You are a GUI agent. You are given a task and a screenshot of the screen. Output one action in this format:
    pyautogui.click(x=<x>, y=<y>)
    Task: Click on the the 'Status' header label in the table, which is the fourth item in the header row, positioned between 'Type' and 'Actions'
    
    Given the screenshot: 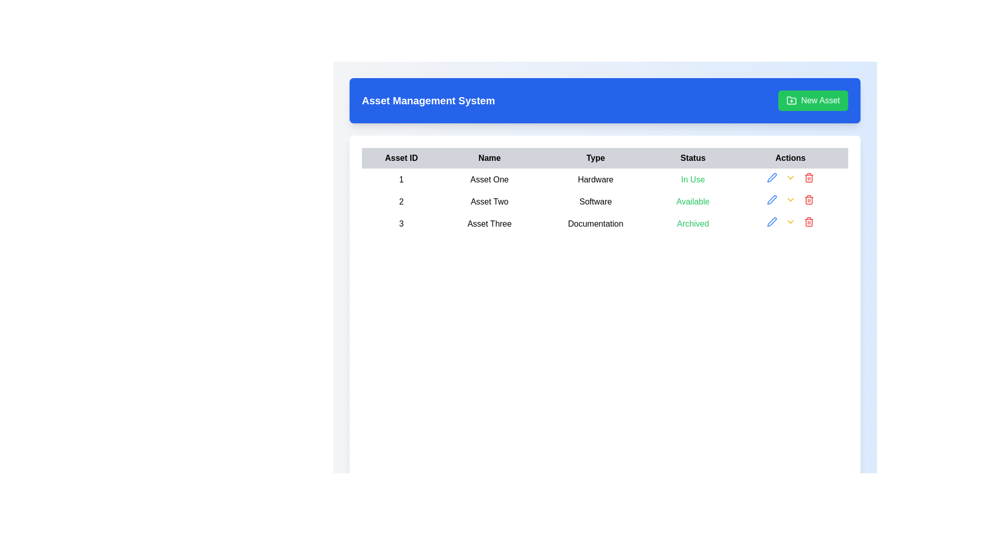 What is the action you would take?
    pyautogui.click(x=693, y=158)
    